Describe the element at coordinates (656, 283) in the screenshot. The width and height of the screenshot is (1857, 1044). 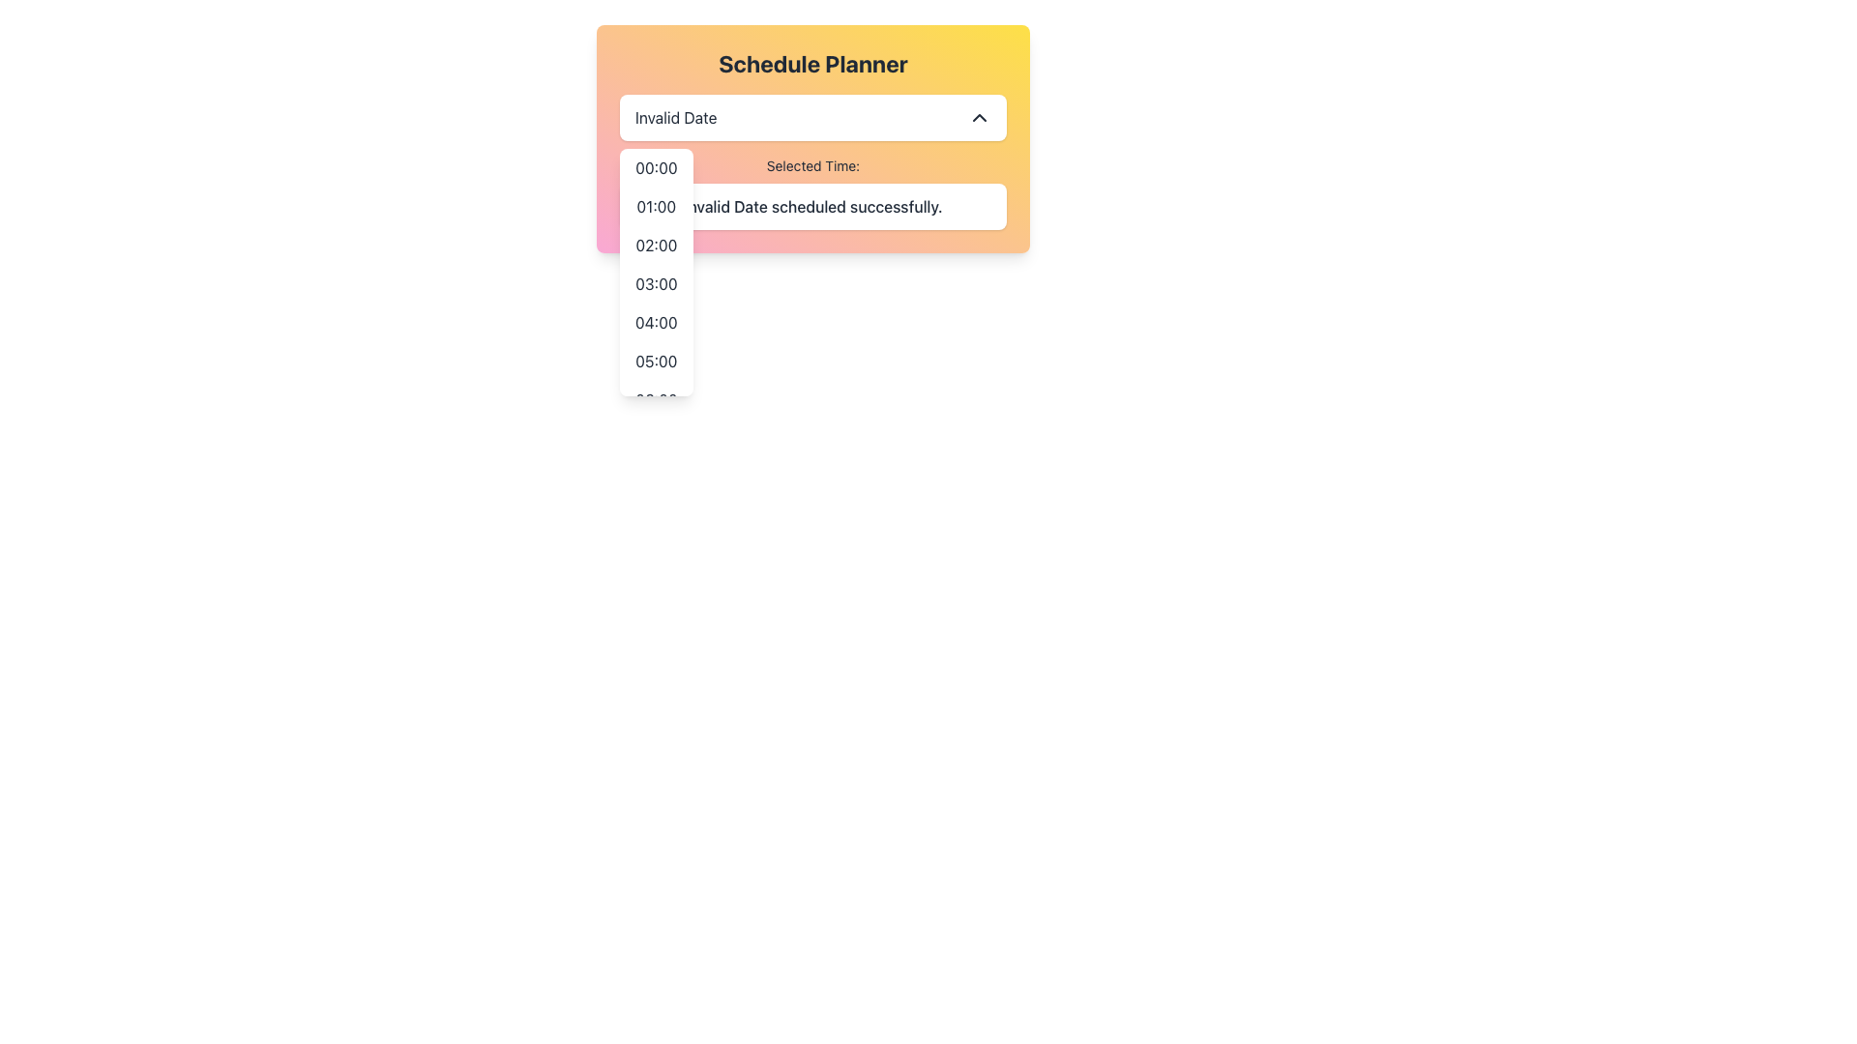
I see `the fourth option in the dropdown menu` at that location.